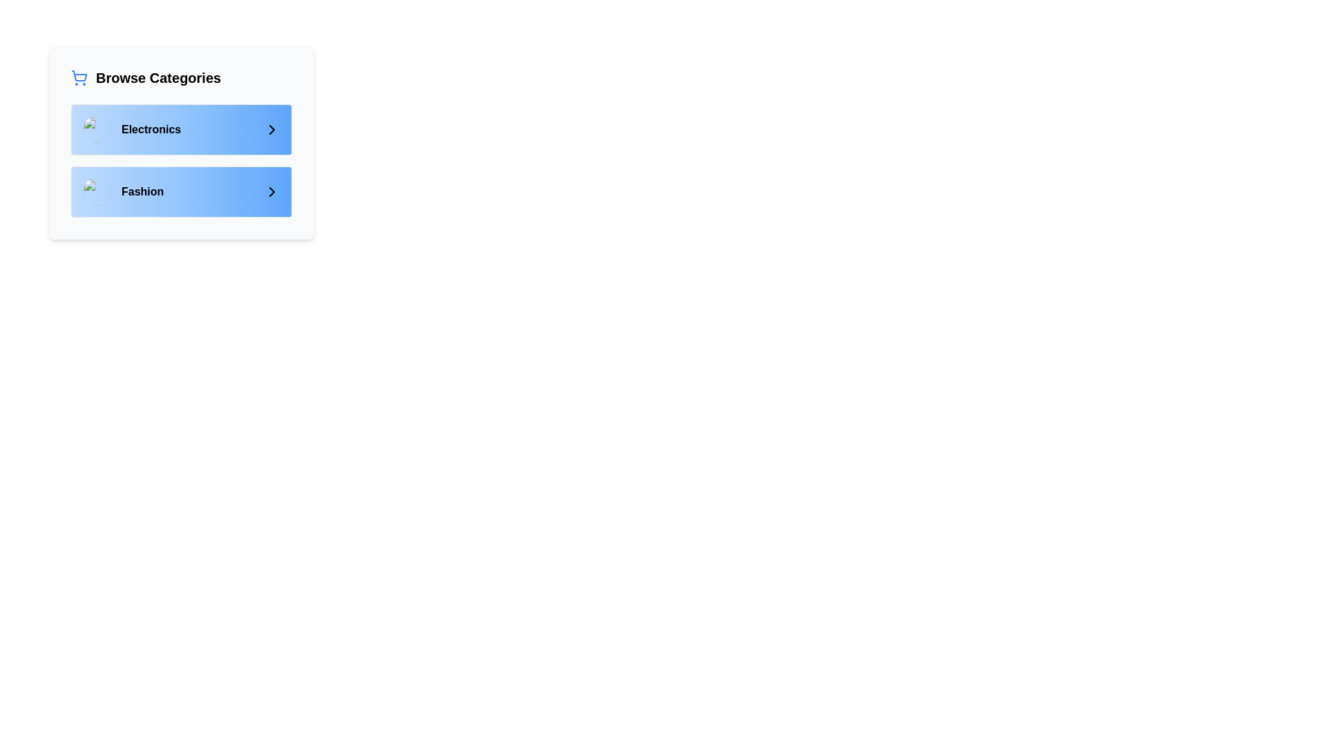 Image resolution: width=1326 pixels, height=746 pixels. I want to click on the right-pointing chevron icon with a black outline located on the right side of the 'Electronics' category item, so click(271, 130).